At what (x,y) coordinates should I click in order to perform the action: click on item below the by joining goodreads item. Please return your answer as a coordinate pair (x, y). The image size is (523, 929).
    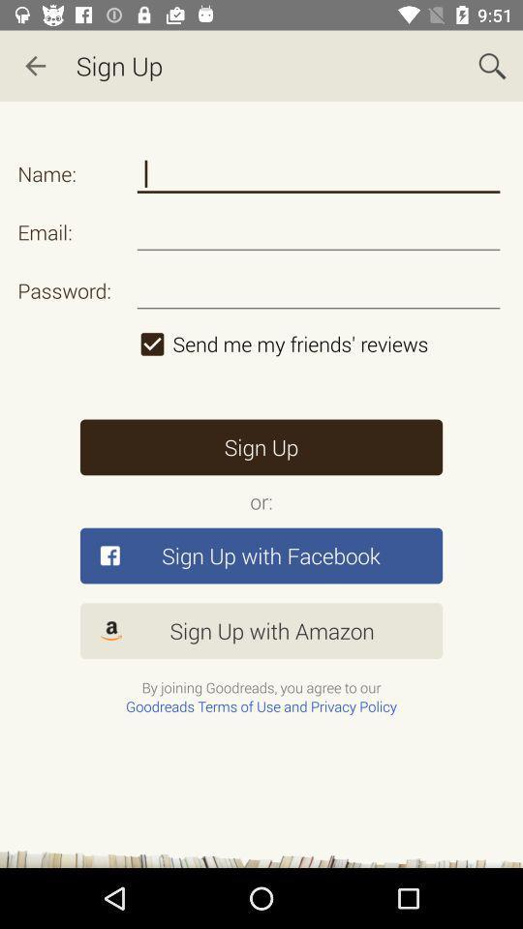
    Looking at the image, I should click on (261, 705).